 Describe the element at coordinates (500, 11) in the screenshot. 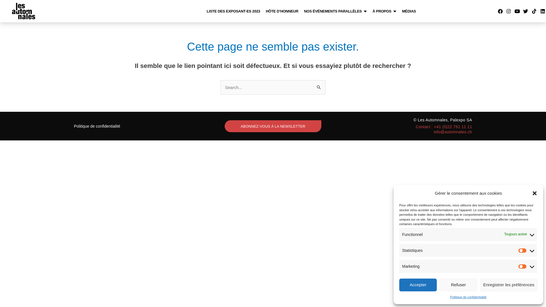

I see `'Facebook'` at that location.